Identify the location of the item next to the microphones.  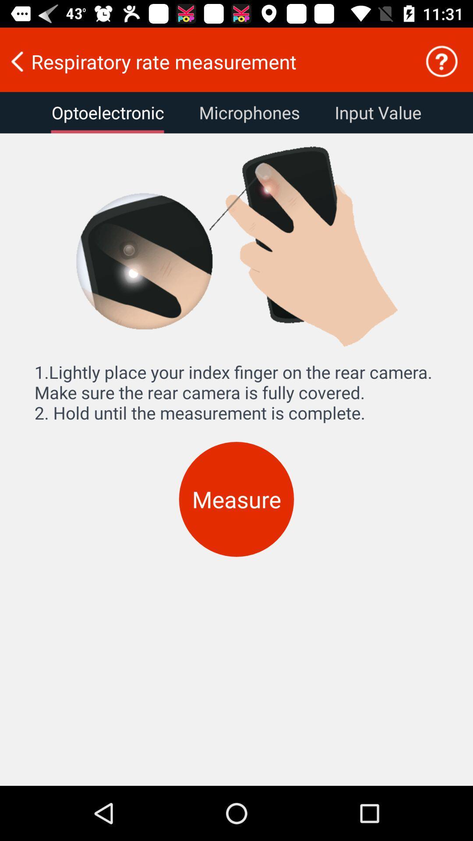
(378, 112).